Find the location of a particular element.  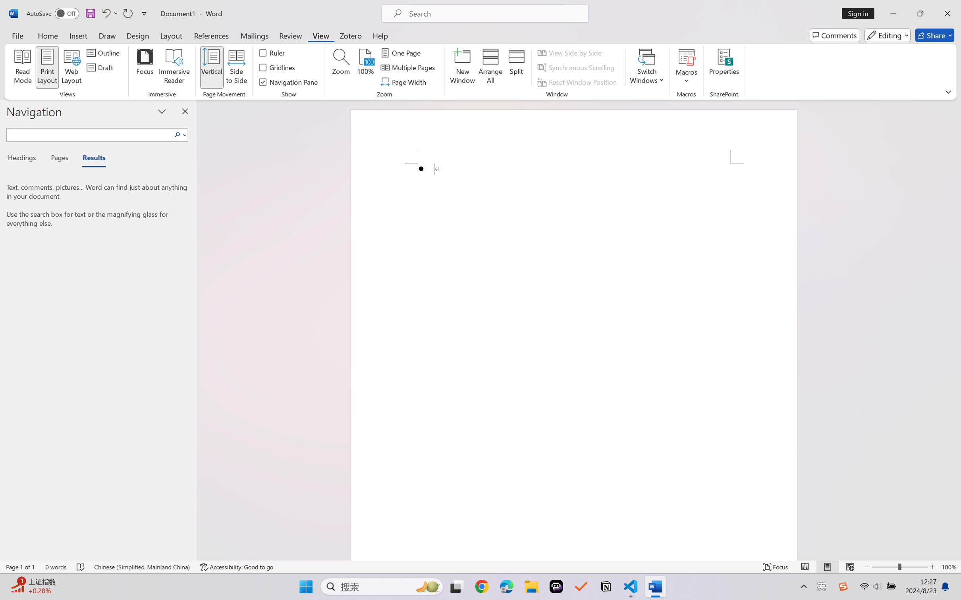

'Immersive Reader' is located at coordinates (174, 67).